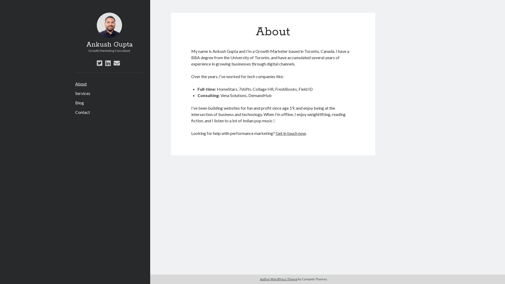 The image size is (505, 284). What do you see at coordinates (86, 44) in the screenshot?
I see `'Ankush Gupta'` at bounding box center [86, 44].